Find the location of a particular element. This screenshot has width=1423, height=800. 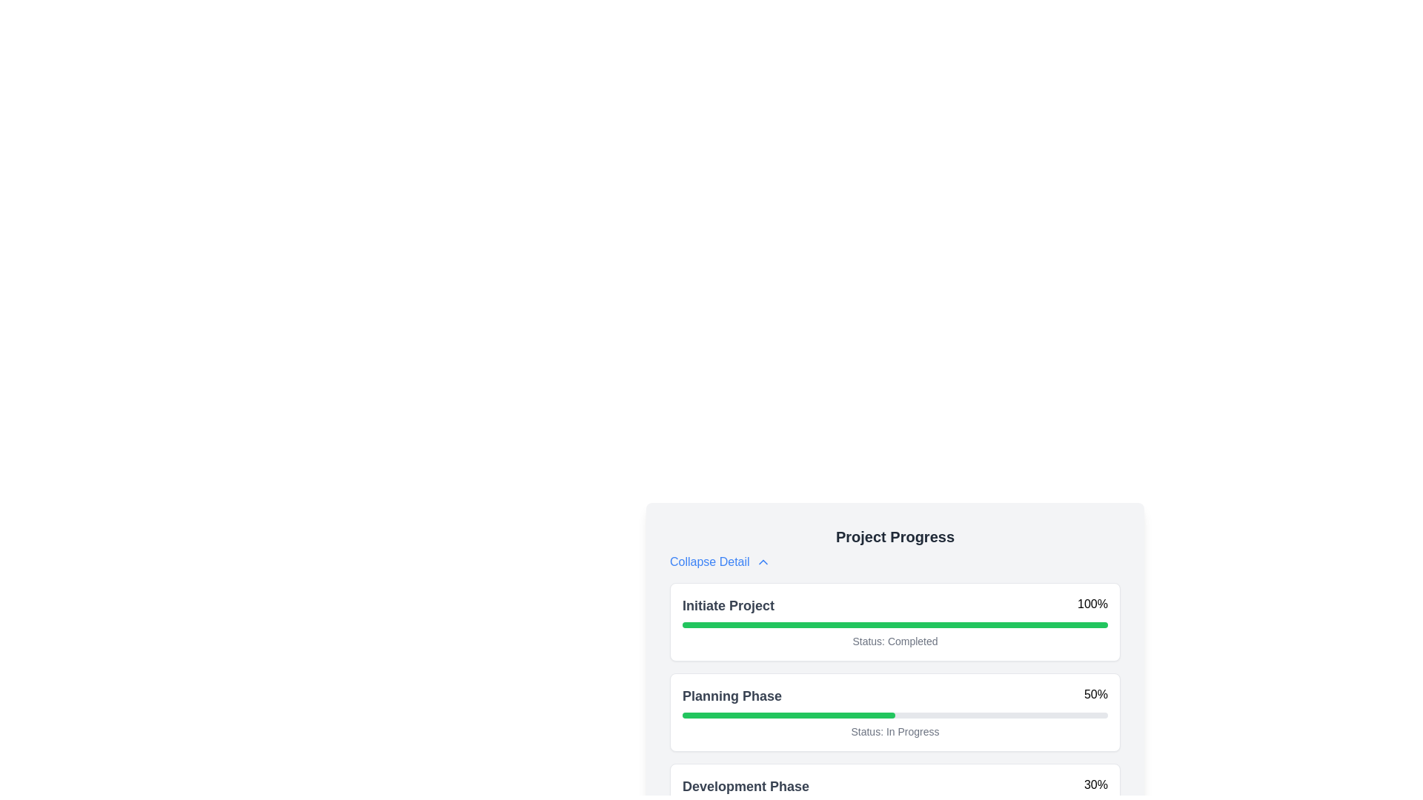

the visual representation of the green progress bar segment that occupies the left half of the 'Planning Phase' section's progress bar is located at coordinates (788, 714).